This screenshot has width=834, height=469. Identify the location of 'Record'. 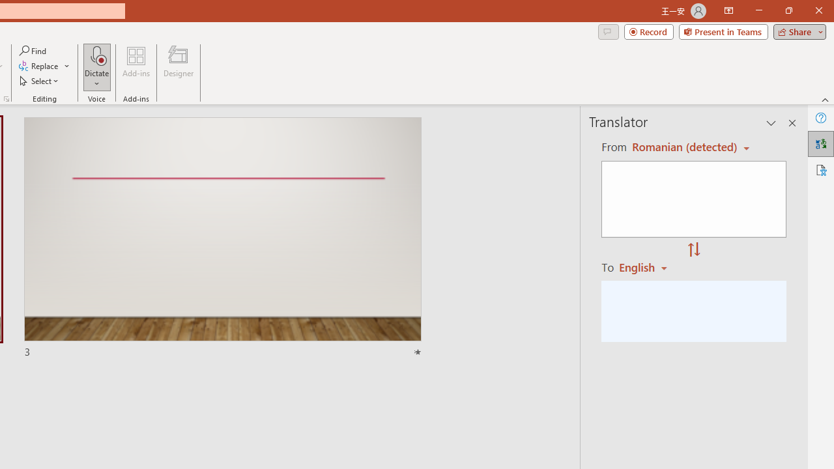
(648, 31).